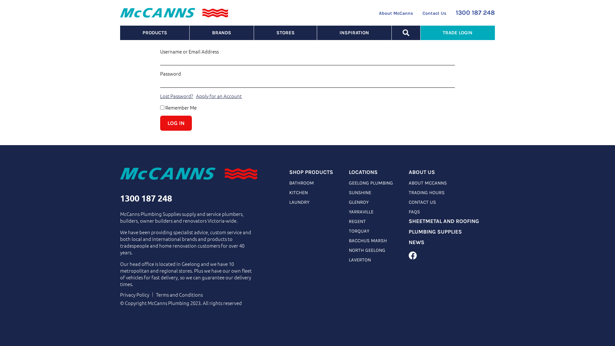 This screenshot has height=346, width=615. I want to click on 'SHOP PRODUCTS', so click(311, 172).